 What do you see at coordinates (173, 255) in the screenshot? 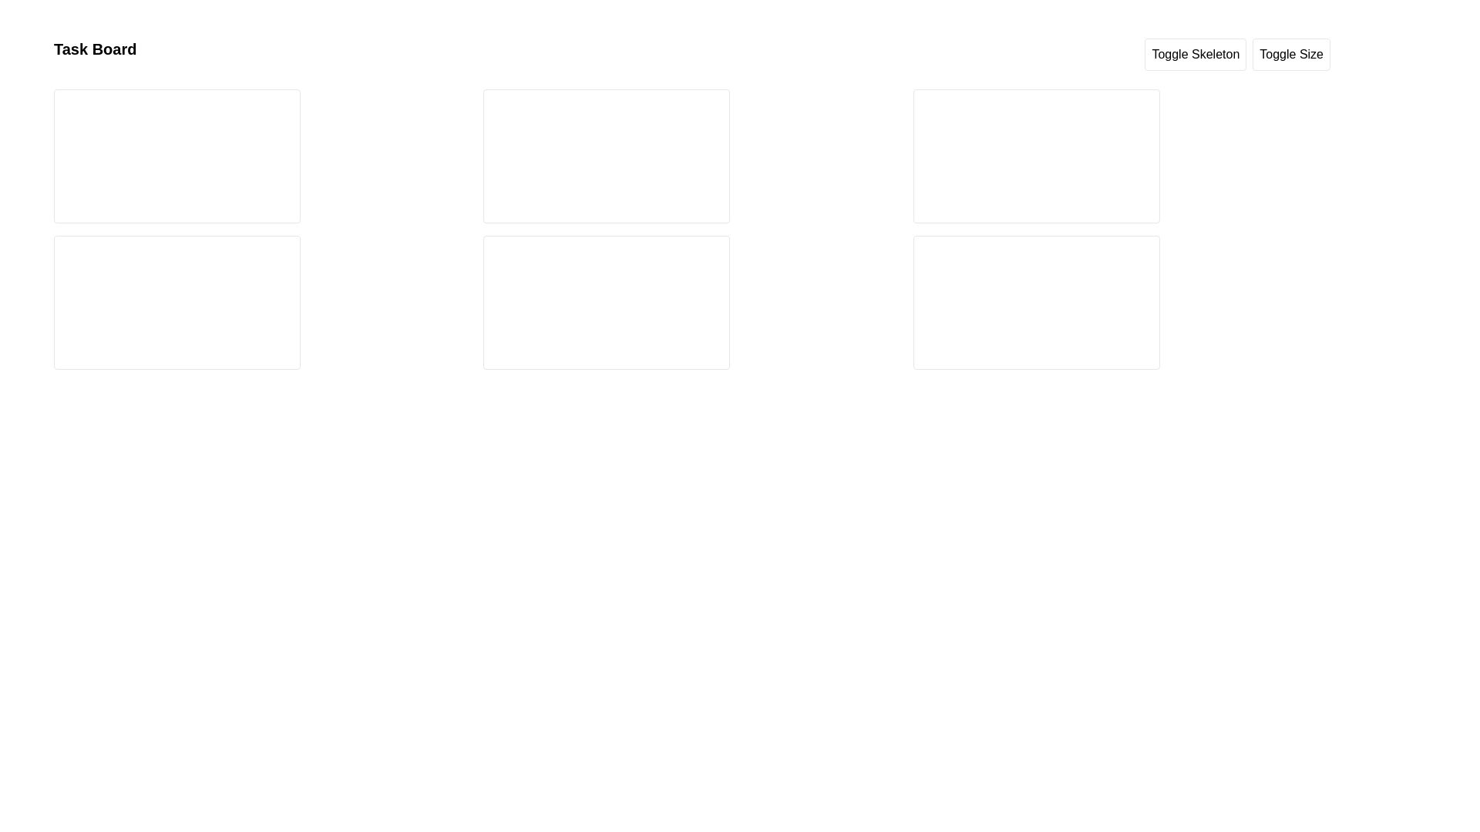
I see `the upper skeleton loader element, which serves as a visual placeholder for dynamically loaded content in the second row of the interface grid` at bounding box center [173, 255].